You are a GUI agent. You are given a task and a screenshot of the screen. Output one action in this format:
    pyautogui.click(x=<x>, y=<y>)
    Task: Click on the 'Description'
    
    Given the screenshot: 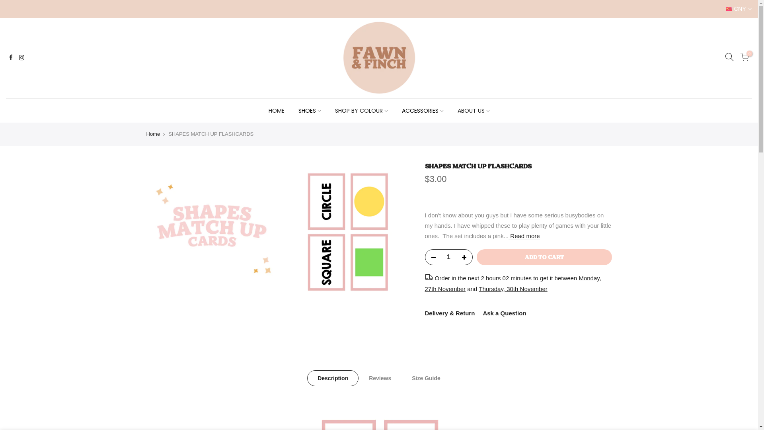 What is the action you would take?
    pyautogui.click(x=333, y=377)
    